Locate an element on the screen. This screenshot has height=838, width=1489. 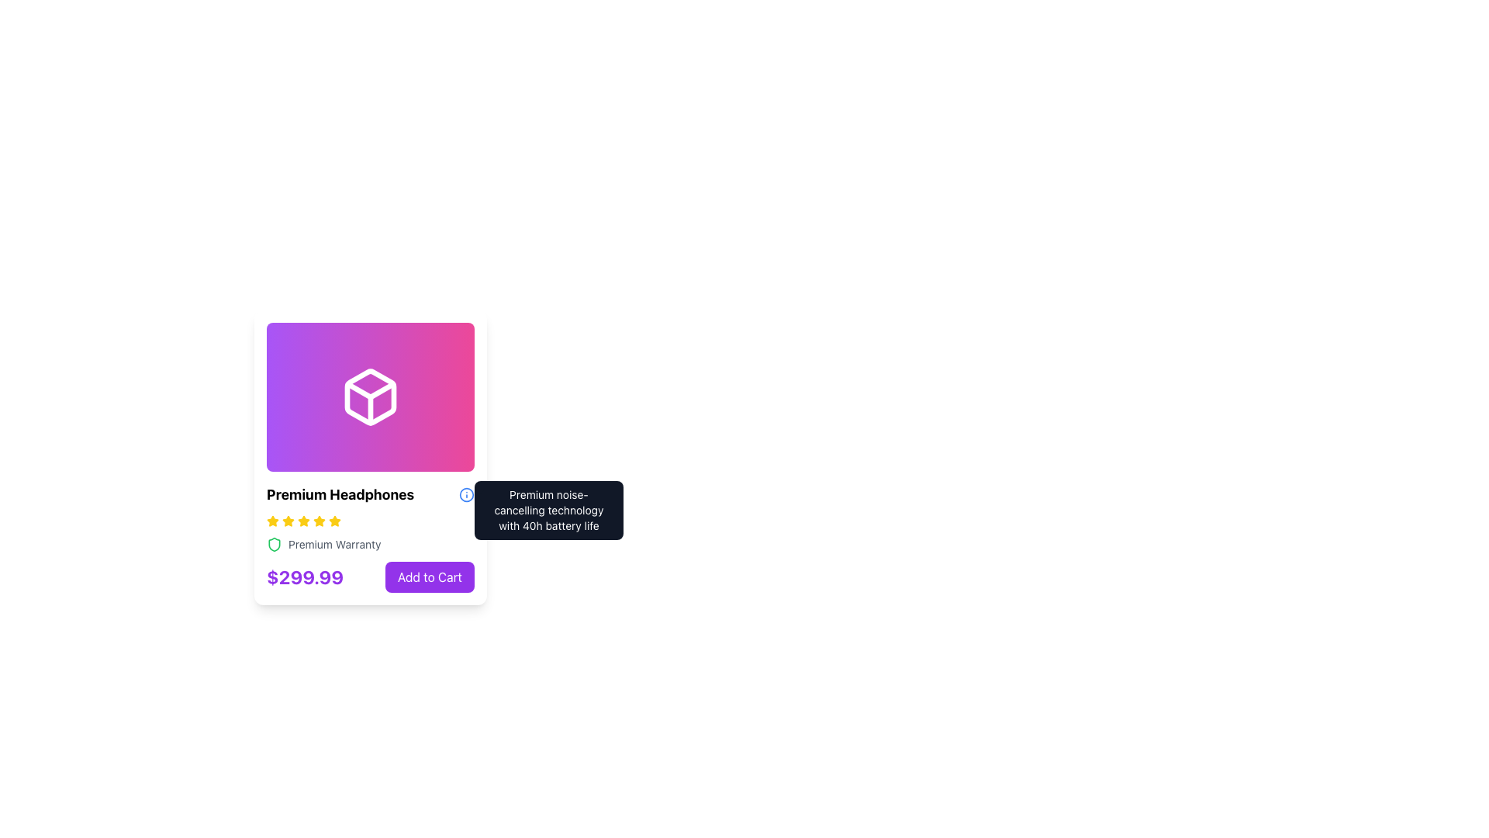
the text element reading 'Premium Headphones', which is styled in bold, black font and serves as a prominent title for the product description is located at coordinates (340, 494).